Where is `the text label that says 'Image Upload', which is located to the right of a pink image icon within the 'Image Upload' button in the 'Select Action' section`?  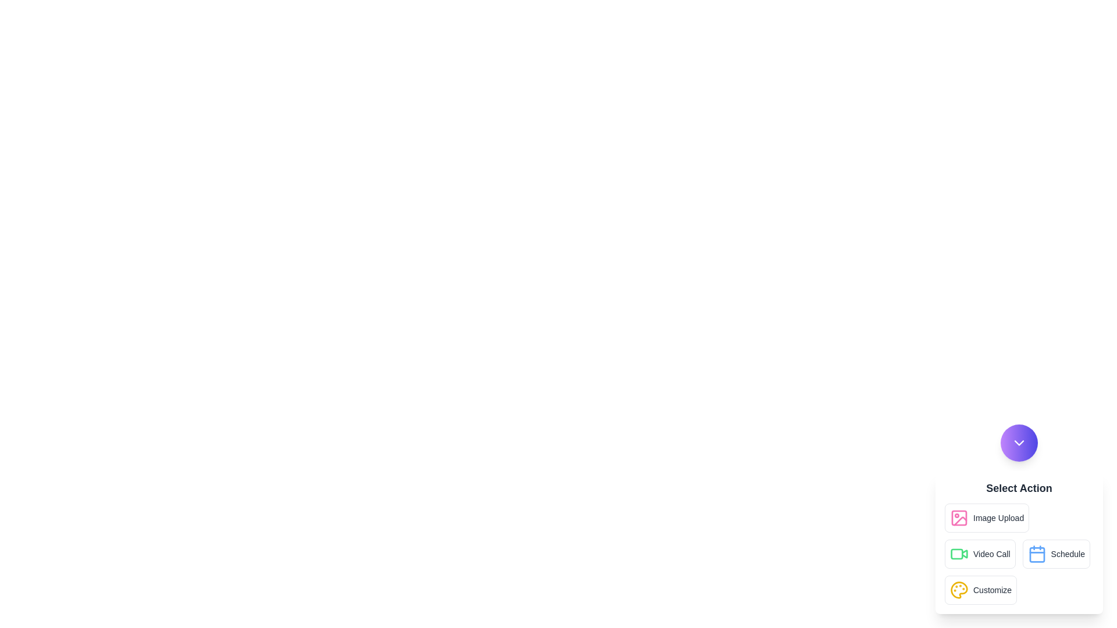
the text label that says 'Image Upload', which is located to the right of a pink image icon within the 'Image Upload' button in the 'Select Action' section is located at coordinates (998, 518).